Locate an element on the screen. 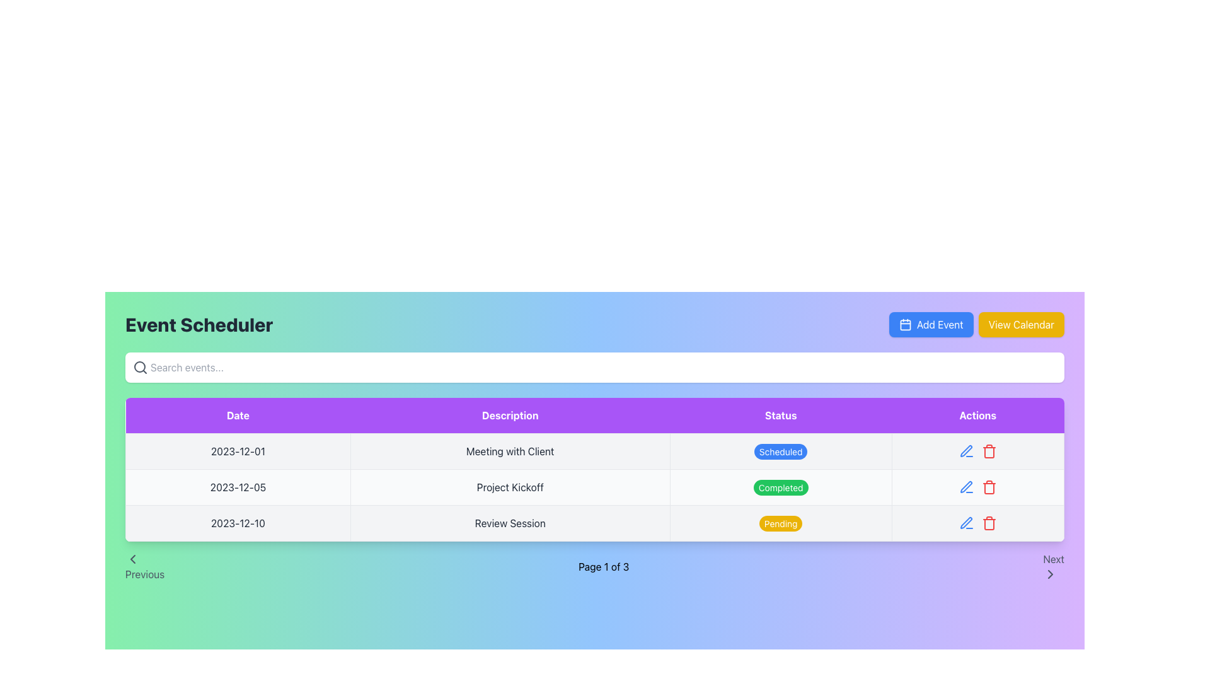 Image resolution: width=1210 pixels, height=681 pixels. the decorative icon within the 'Next' pagination button located at the bottom-right corner of the table interface is located at coordinates (1051, 574).